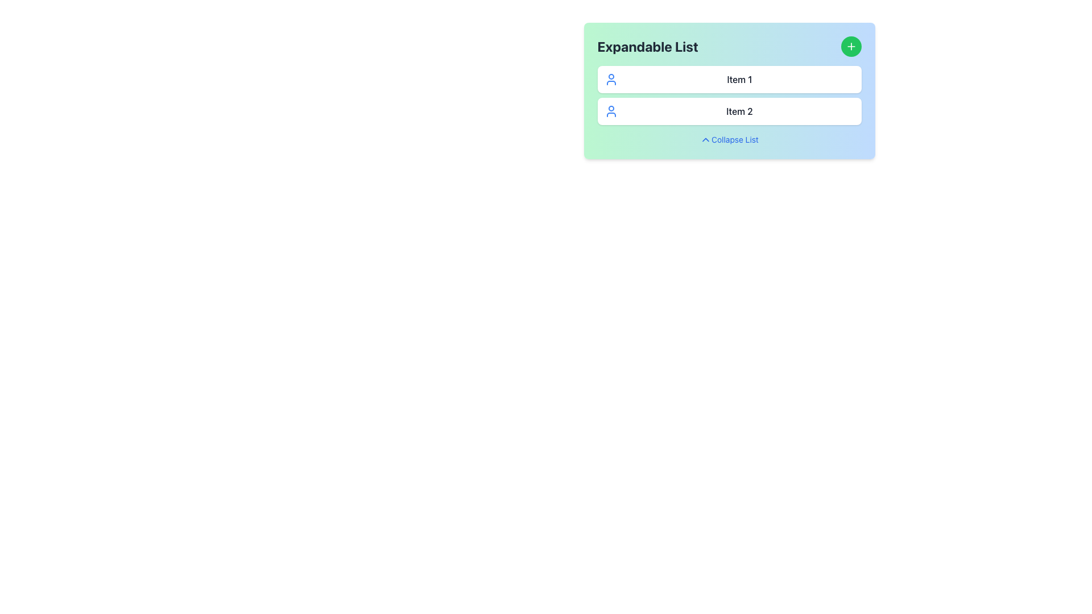 The height and width of the screenshot is (614, 1092). I want to click on the button located in the top-right corner of the 'Expandable List' card, so click(851, 45).